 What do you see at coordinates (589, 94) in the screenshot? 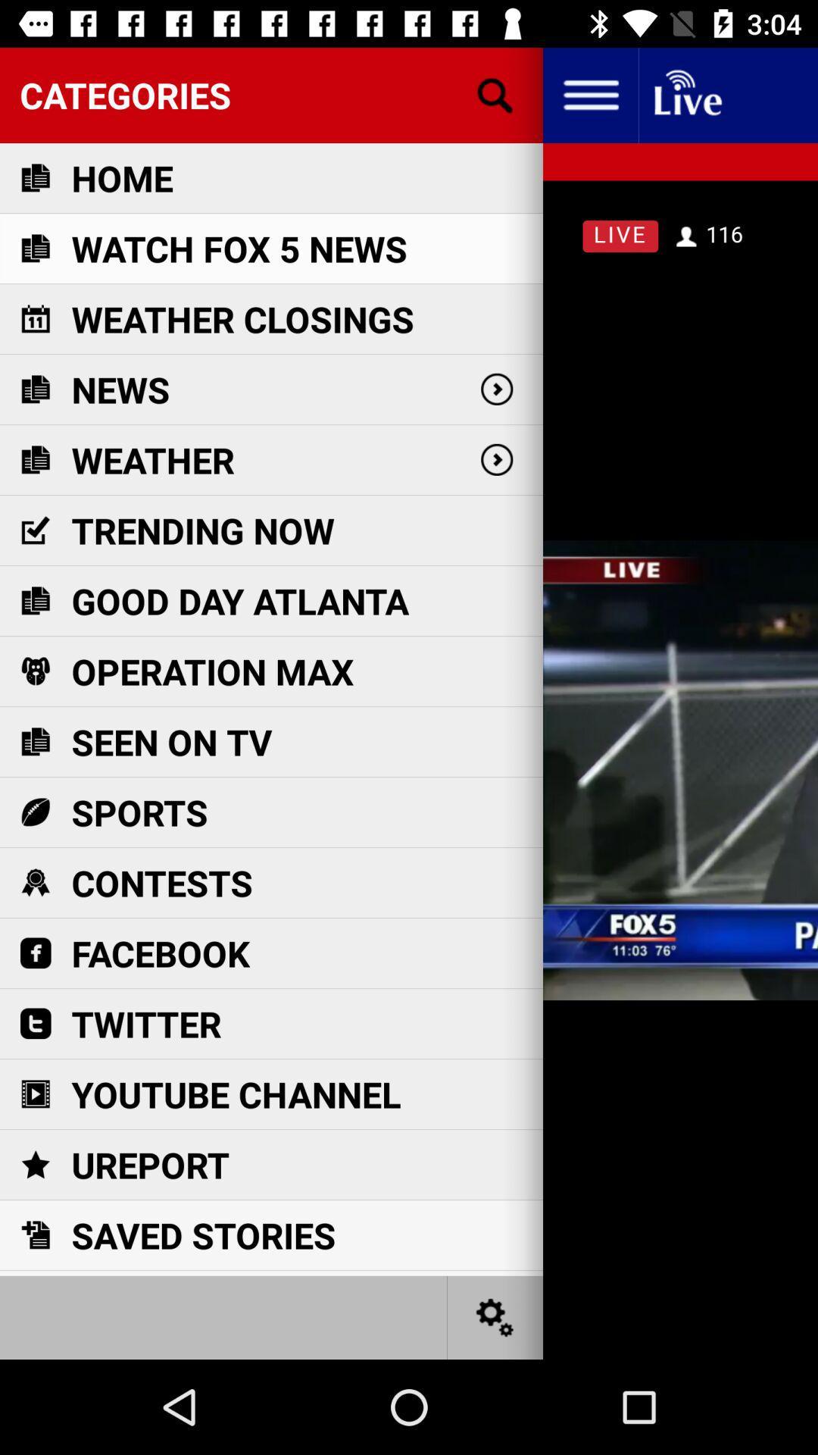
I see `my profile option to be veiw` at bounding box center [589, 94].